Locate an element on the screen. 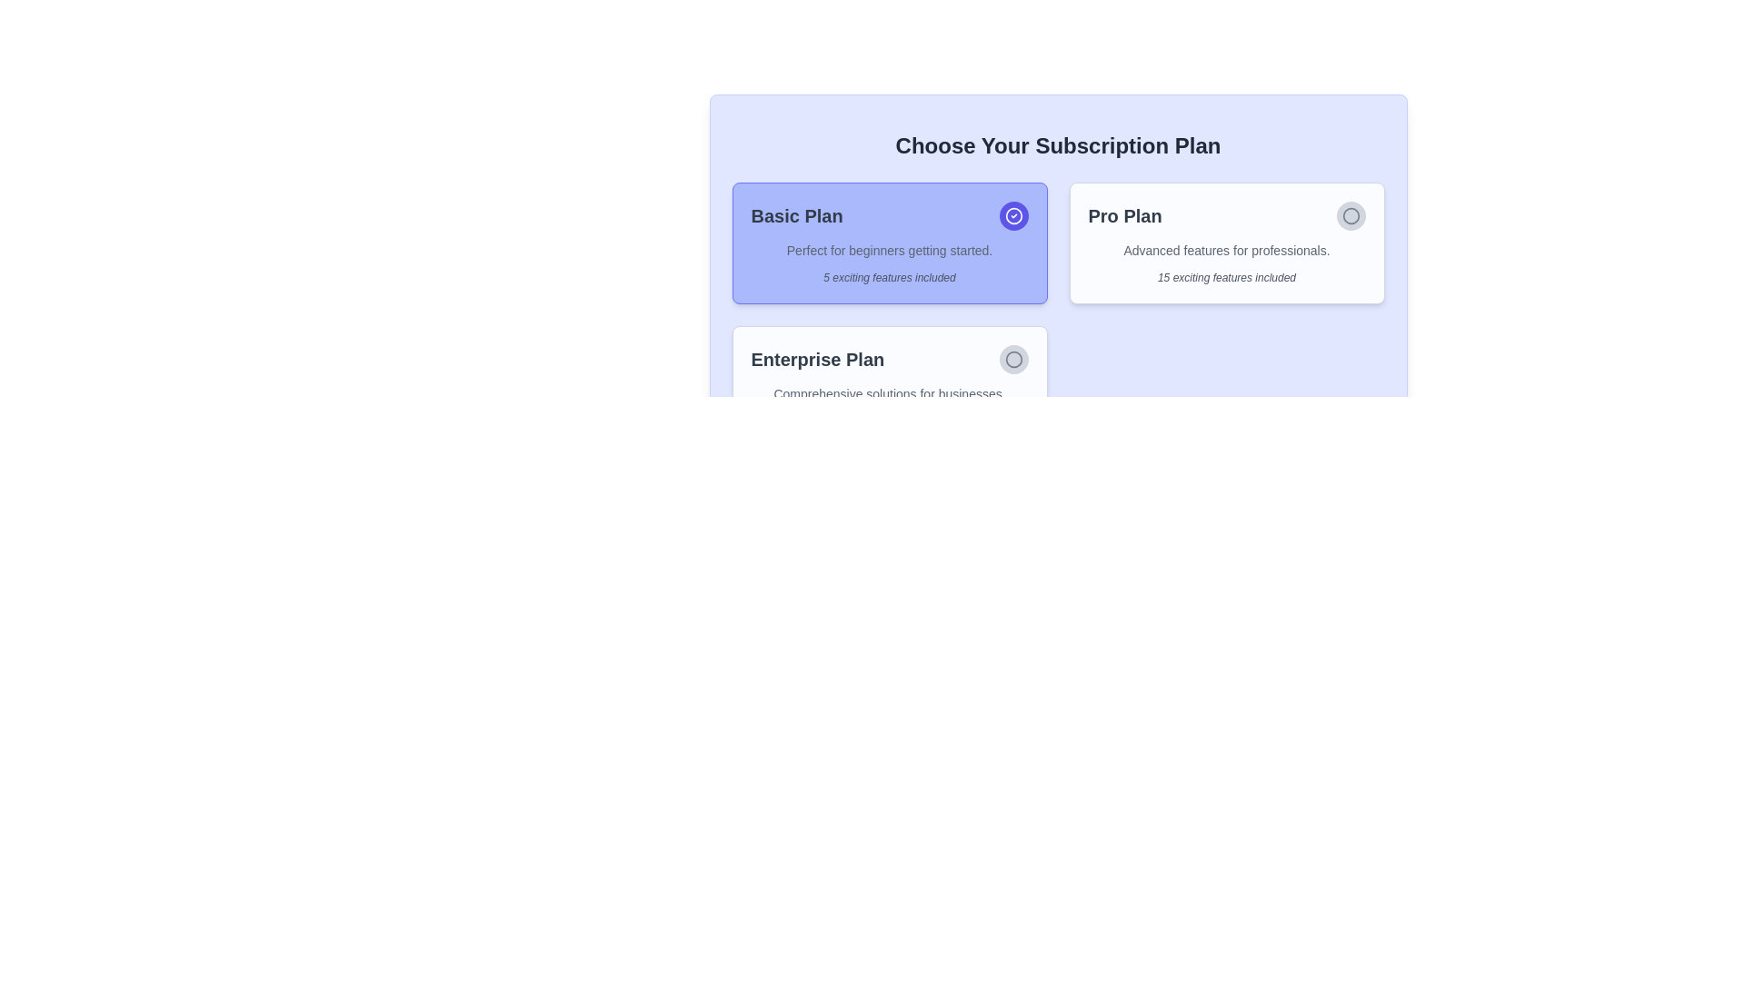  the text label reading '5 exciting features included', styled in a small italic font with gray color, located below the descriptive text of the Basic Plan card is located at coordinates (890, 277).